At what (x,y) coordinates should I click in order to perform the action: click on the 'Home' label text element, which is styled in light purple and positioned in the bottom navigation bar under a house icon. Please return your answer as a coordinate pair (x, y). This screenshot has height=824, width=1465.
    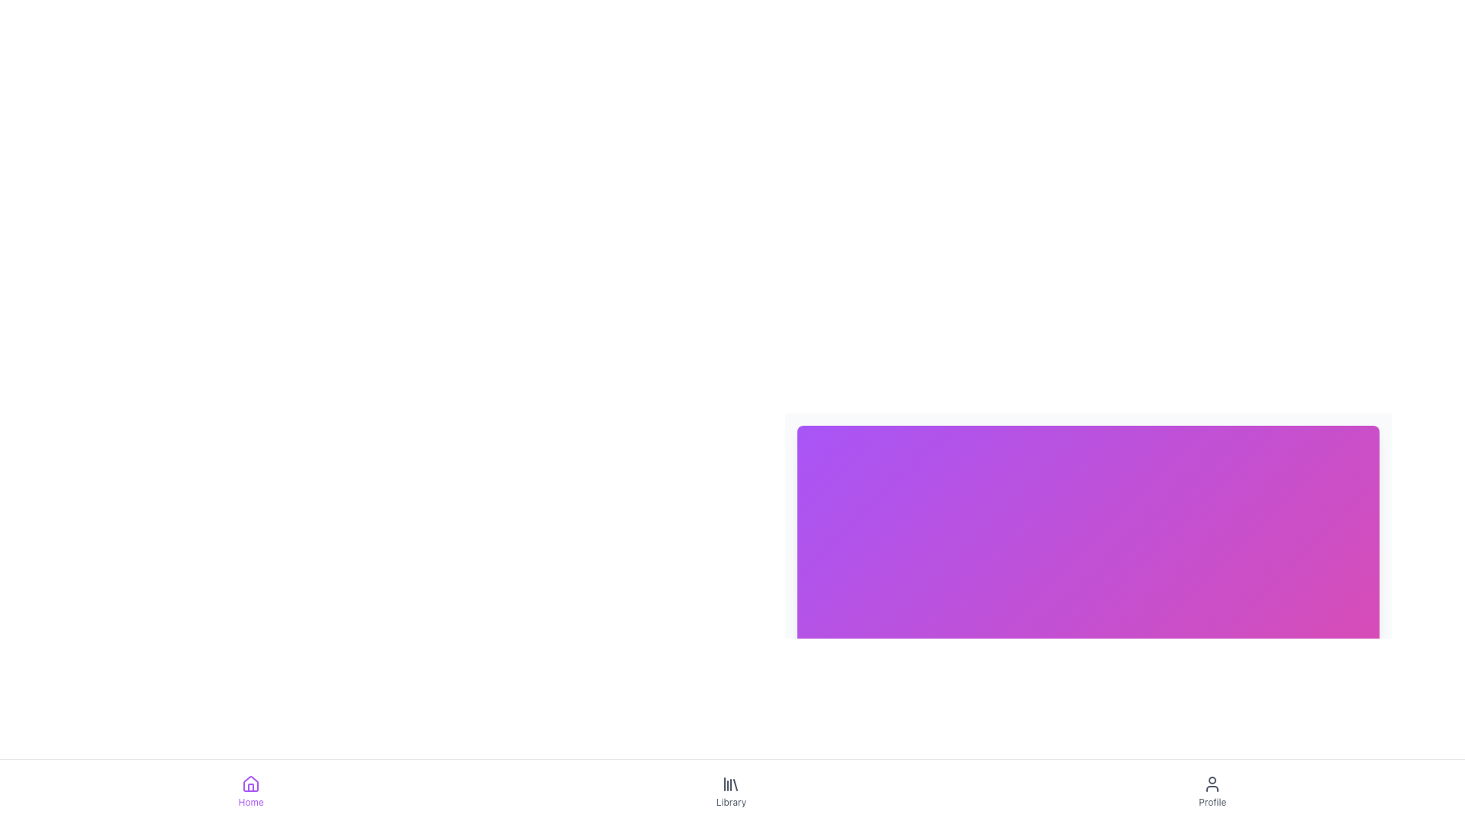
    Looking at the image, I should click on (251, 802).